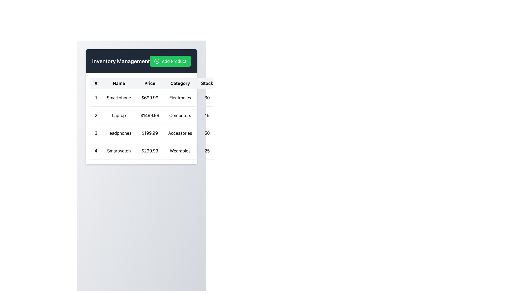 The height and width of the screenshot is (294, 522). What do you see at coordinates (180, 83) in the screenshot?
I see `the 'Category' column header label in the table, which is located between the 'Price' and 'Stock' columns` at bounding box center [180, 83].